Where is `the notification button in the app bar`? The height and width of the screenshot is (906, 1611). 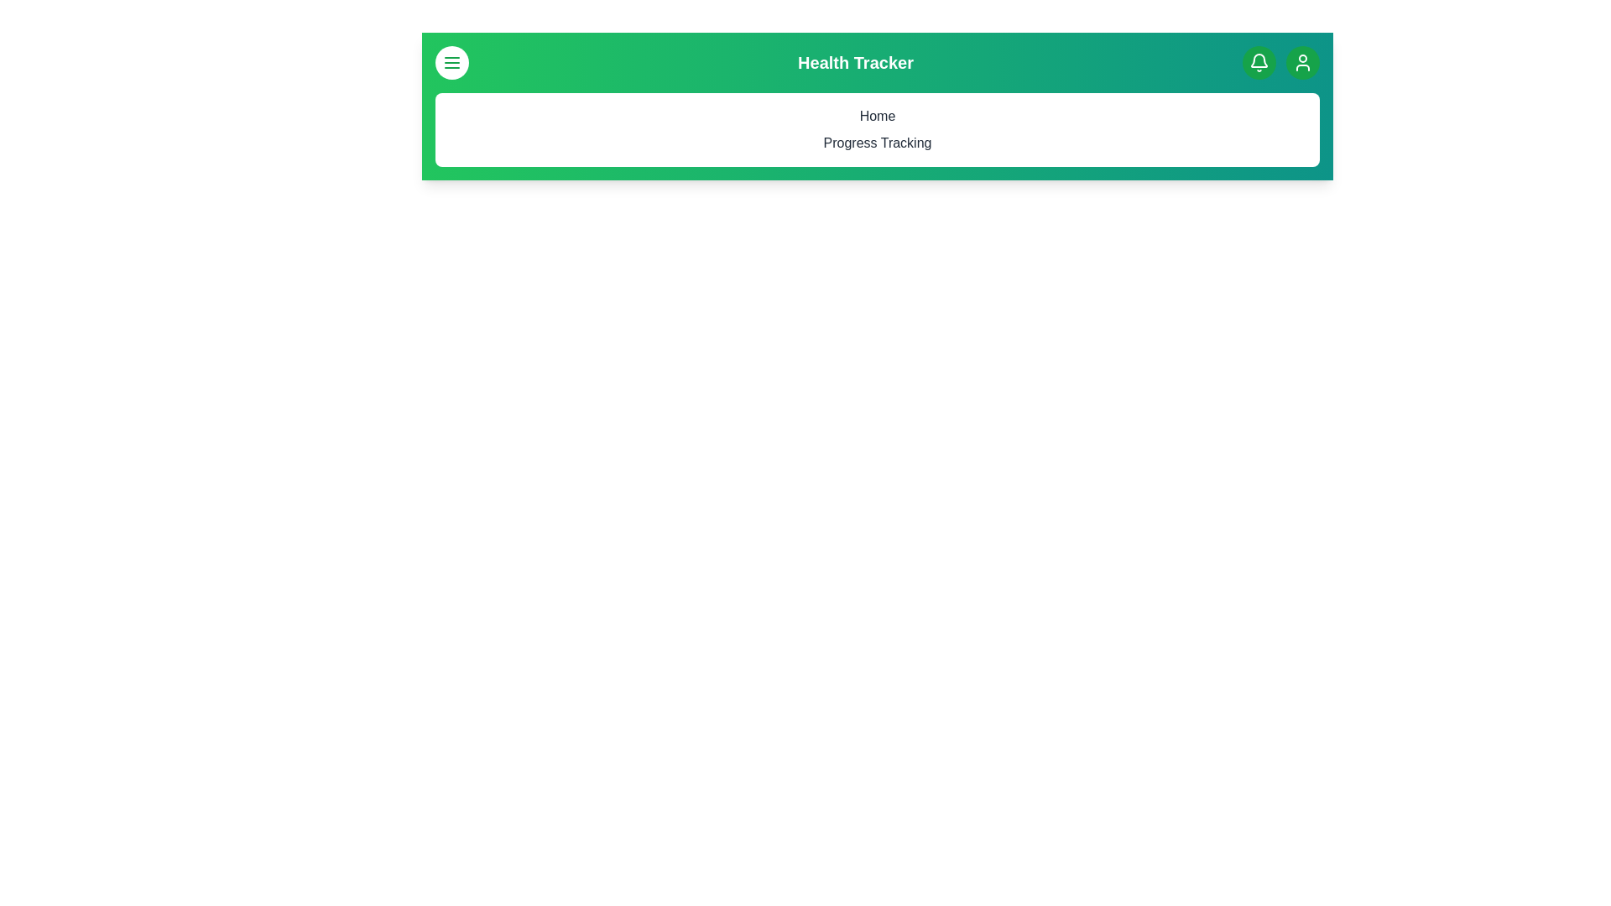 the notification button in the app bar is located at coordinates (1259, 61).